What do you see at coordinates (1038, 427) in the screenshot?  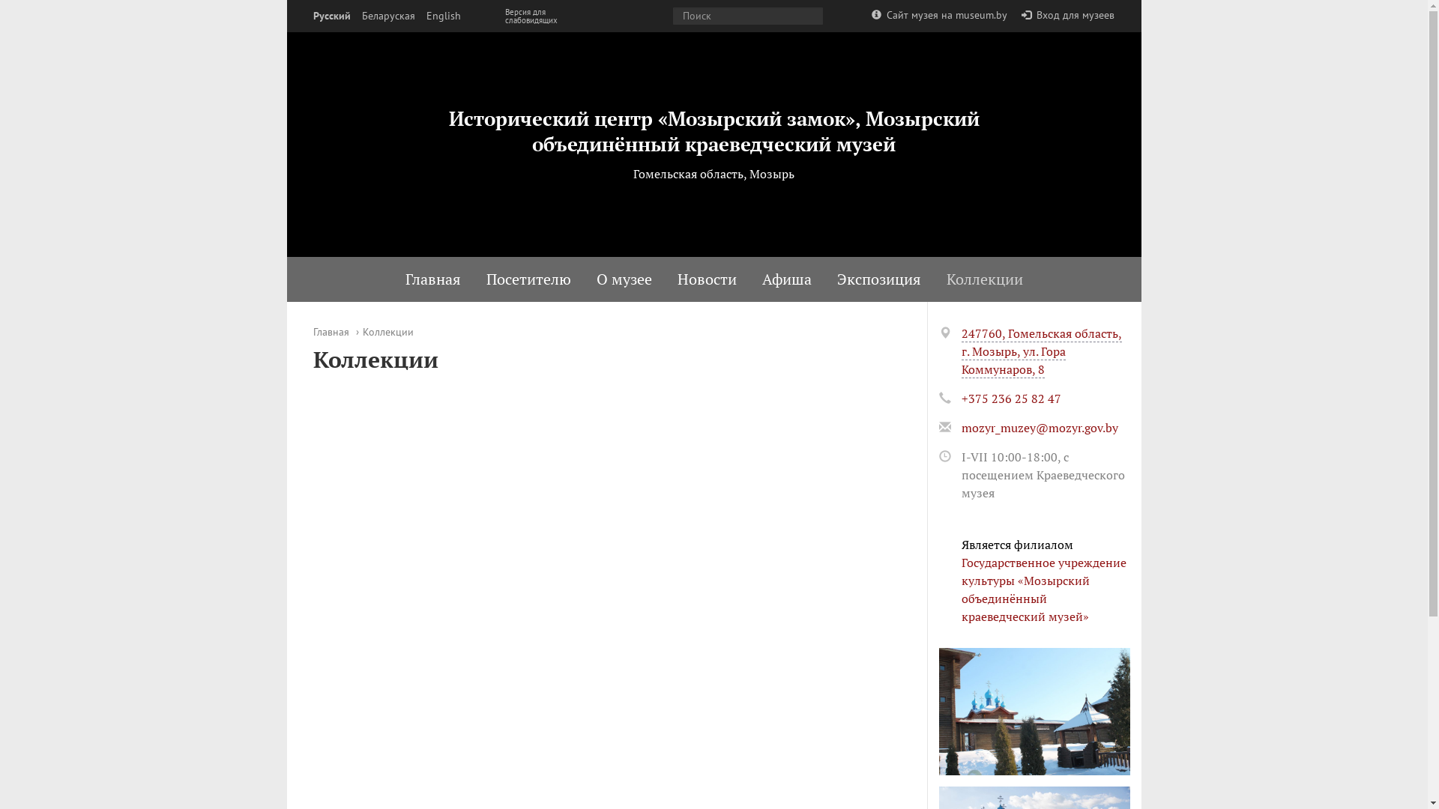 I see `'mozyr_muzey@mozyr.gov.by'` at bounding box center [1038, 427].